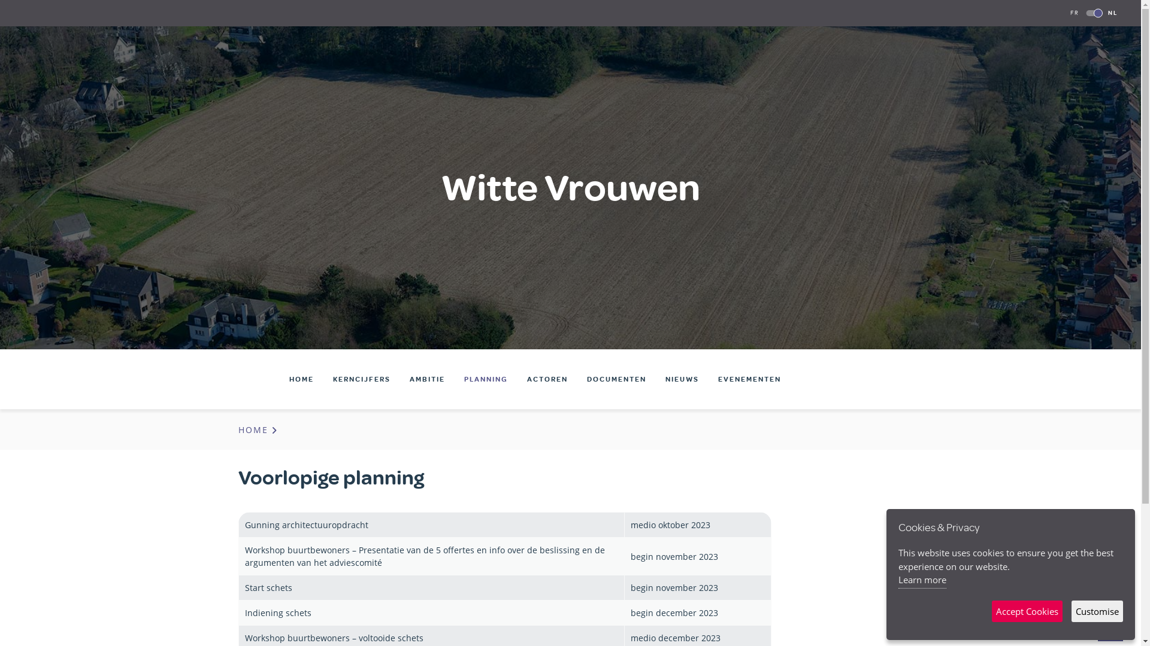 This screenshot has height=646, width=1150. Describe the element at coordinates (682, 379) in the screenshot. I see `'NIEUWS'` at that location.